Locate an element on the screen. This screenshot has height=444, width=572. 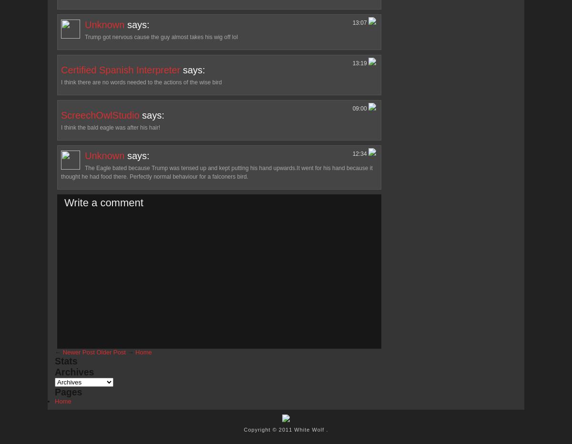
'Older Post' is located at coordinates (95, 351).